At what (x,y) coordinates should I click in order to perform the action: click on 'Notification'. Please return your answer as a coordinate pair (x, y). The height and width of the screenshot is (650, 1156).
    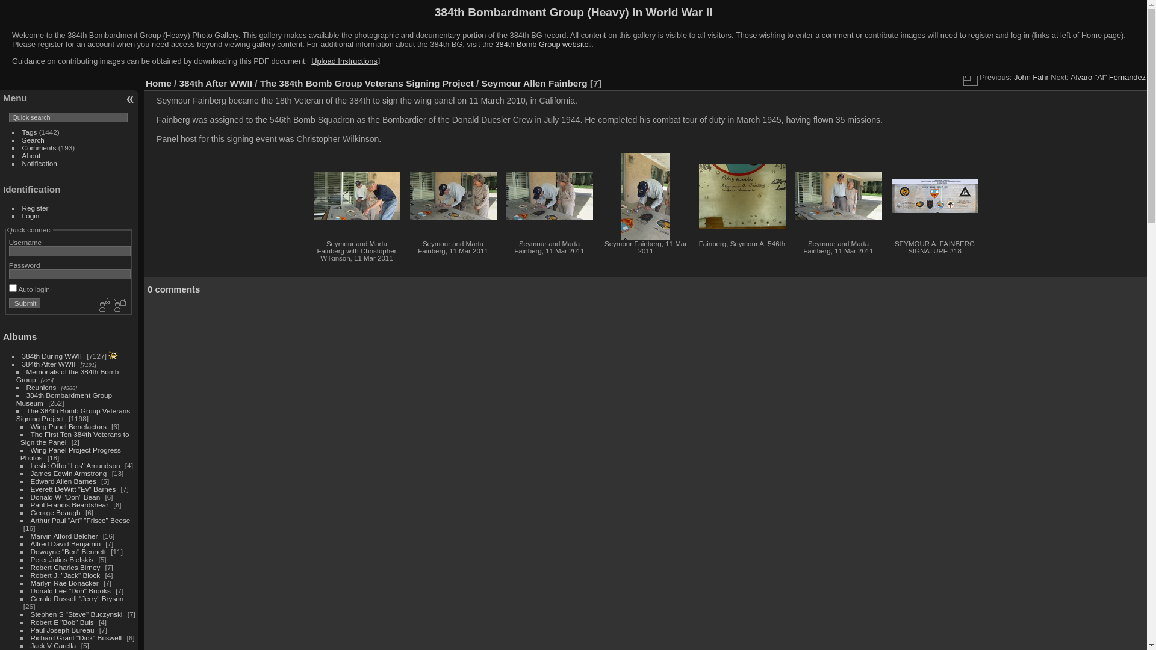
    Looking at the image, I should click on (22, 163).